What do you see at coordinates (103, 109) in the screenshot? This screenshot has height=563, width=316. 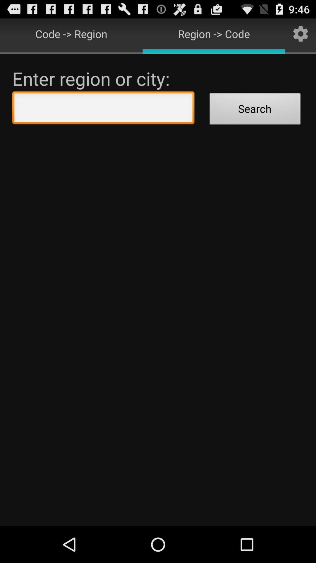 I see `the icon next to the search` at bounding box center [103, 109].